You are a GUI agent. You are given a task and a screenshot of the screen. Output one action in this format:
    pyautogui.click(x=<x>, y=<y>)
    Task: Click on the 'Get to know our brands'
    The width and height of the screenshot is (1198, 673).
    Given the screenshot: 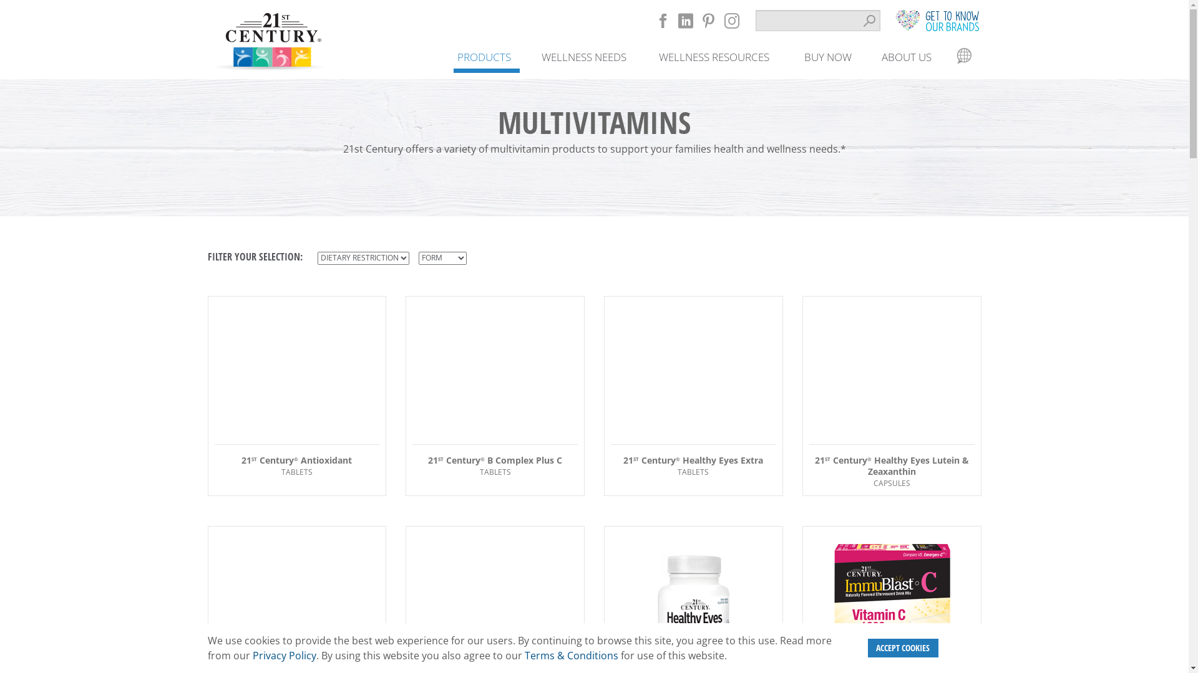 What is the action you would take?
    pyautogui.click(x=937, y=20)
    